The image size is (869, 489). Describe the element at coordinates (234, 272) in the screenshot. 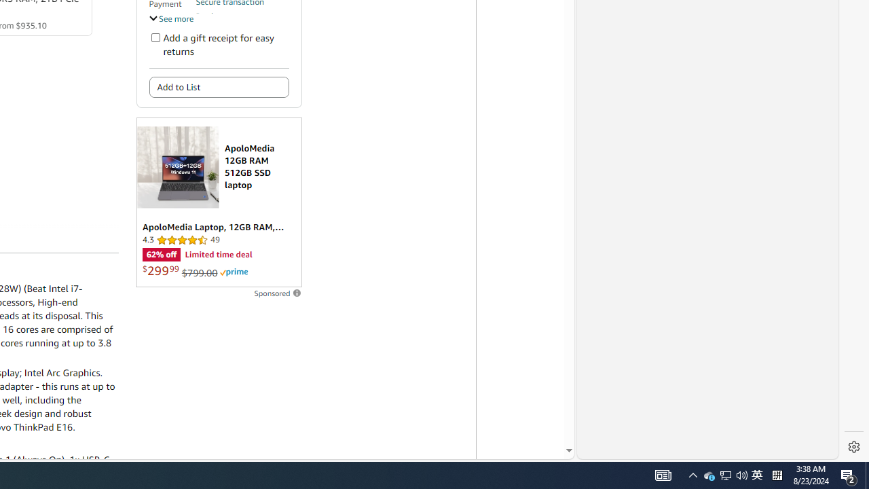

I see `'Prime'` at that location.